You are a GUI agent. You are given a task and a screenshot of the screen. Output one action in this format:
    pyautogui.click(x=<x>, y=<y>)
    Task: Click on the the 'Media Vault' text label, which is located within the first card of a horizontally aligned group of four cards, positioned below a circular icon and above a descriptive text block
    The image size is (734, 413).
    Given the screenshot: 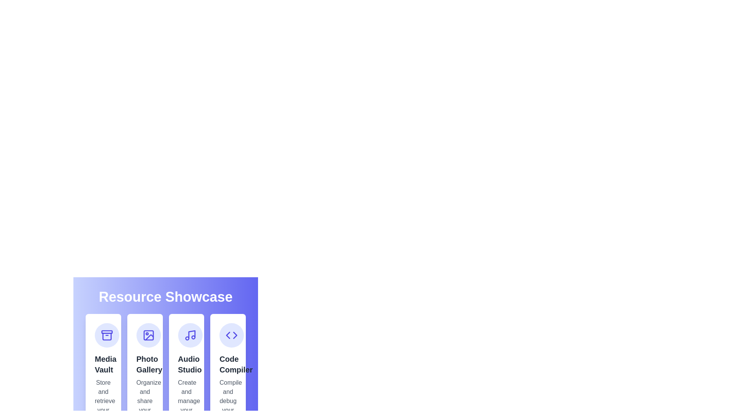 What is the action you would take?
    pyautogui.click(x=103, y=364)
    